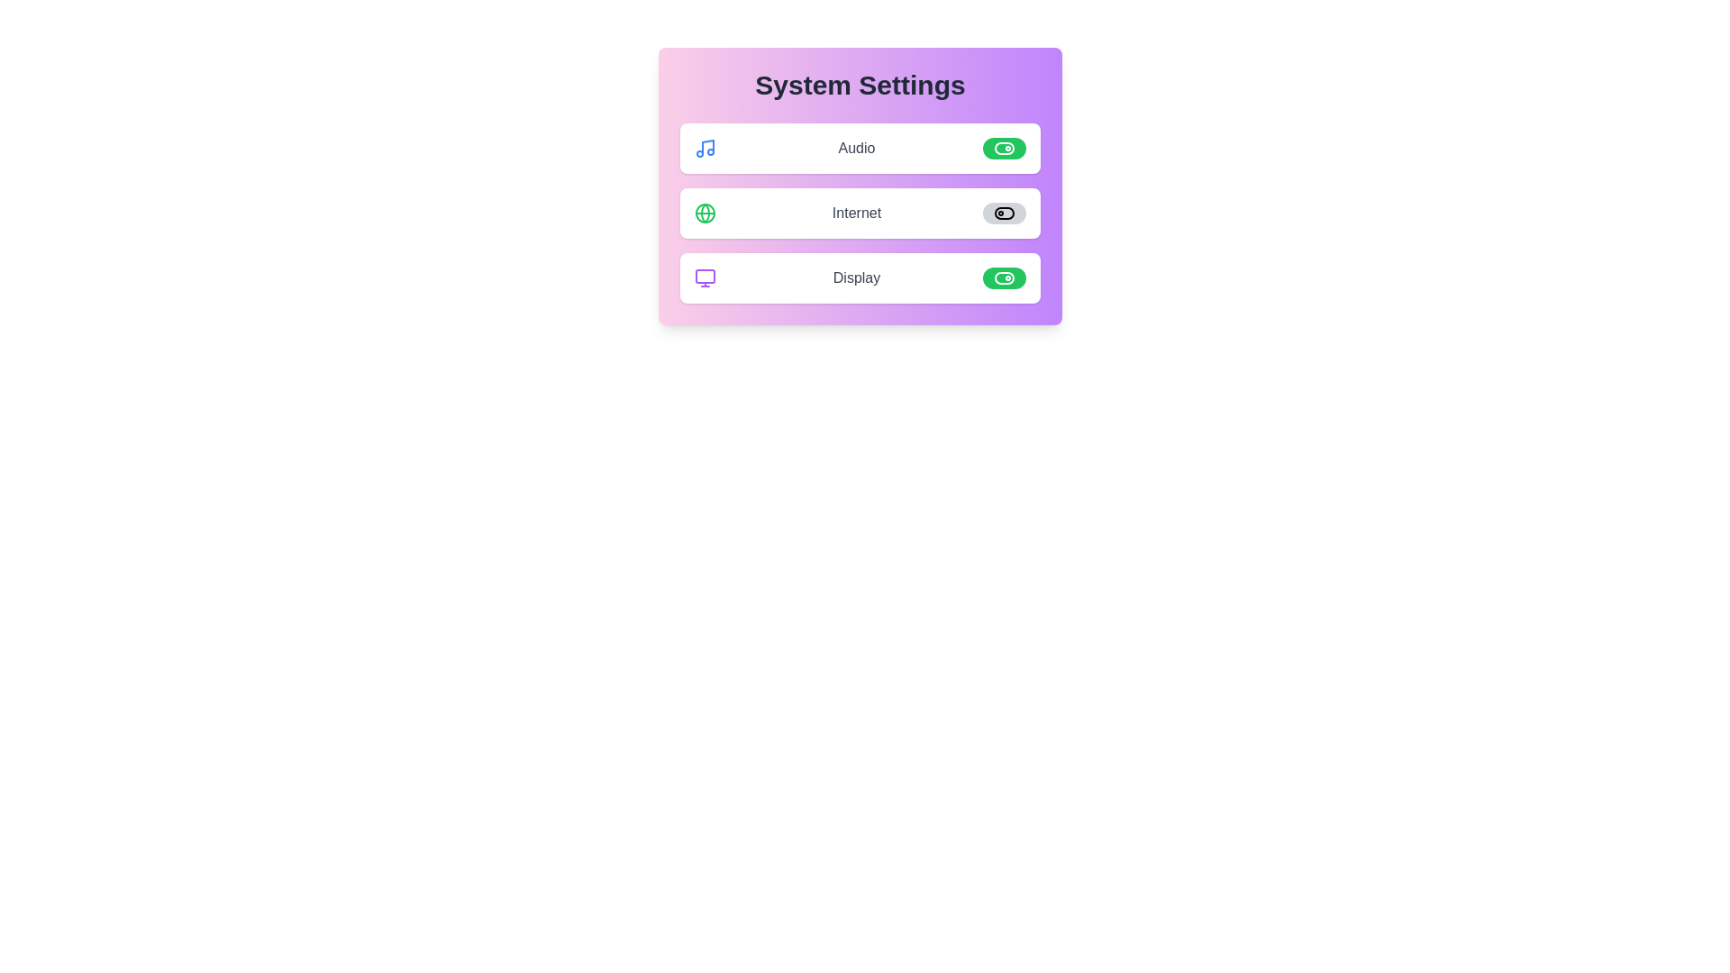  I want to click on the musical note icon, which is the first icon in the vertical arrangement under the 'Audio' section, so click(704, 148).